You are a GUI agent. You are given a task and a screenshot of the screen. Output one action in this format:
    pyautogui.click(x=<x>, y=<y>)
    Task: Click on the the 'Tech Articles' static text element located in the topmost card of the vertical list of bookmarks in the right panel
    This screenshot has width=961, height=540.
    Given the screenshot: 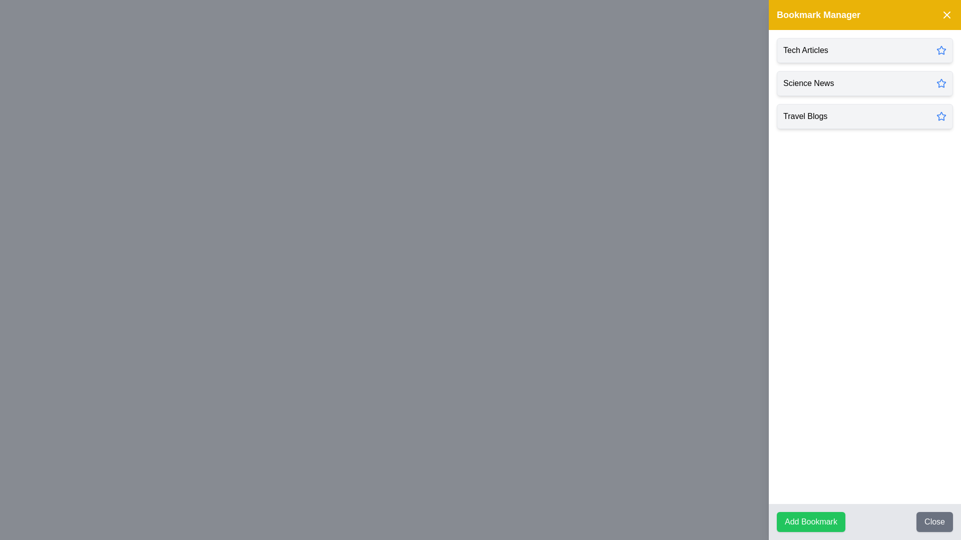 What is the action you would take?
    pyautogui.click(x=805, y=50)
    